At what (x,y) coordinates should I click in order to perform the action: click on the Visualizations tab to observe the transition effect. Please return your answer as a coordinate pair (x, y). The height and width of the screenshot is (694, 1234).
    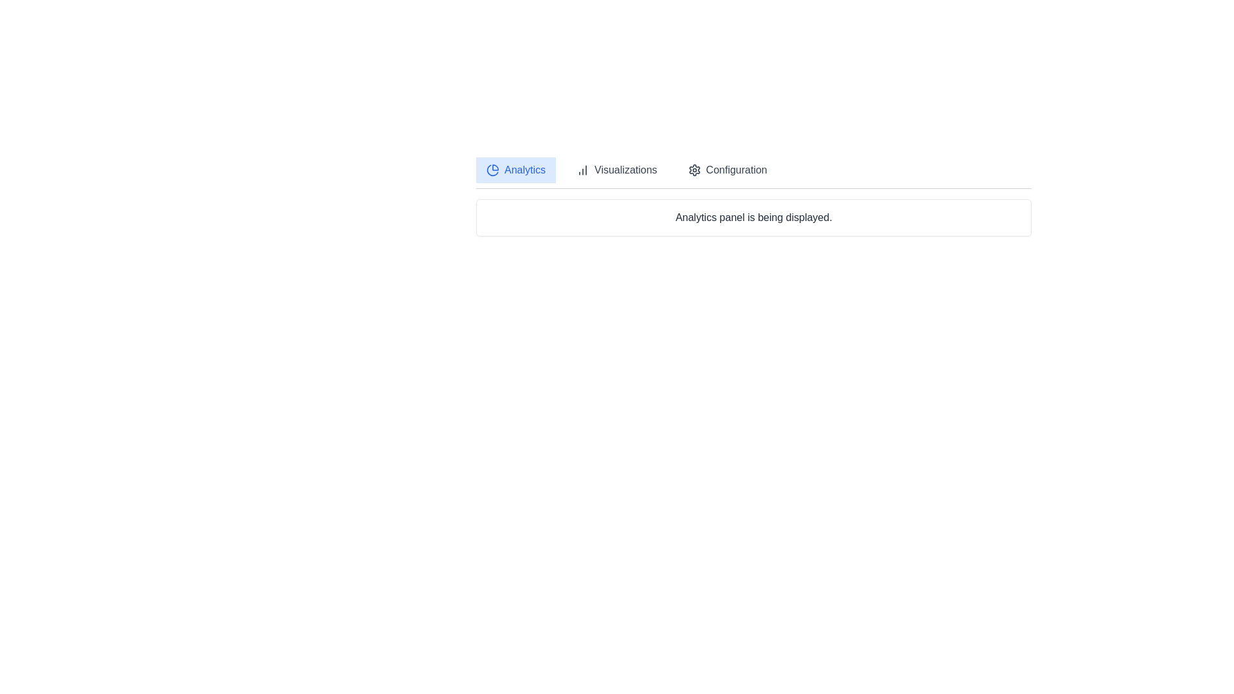
    Looking at the image, I should click on (616, 170).